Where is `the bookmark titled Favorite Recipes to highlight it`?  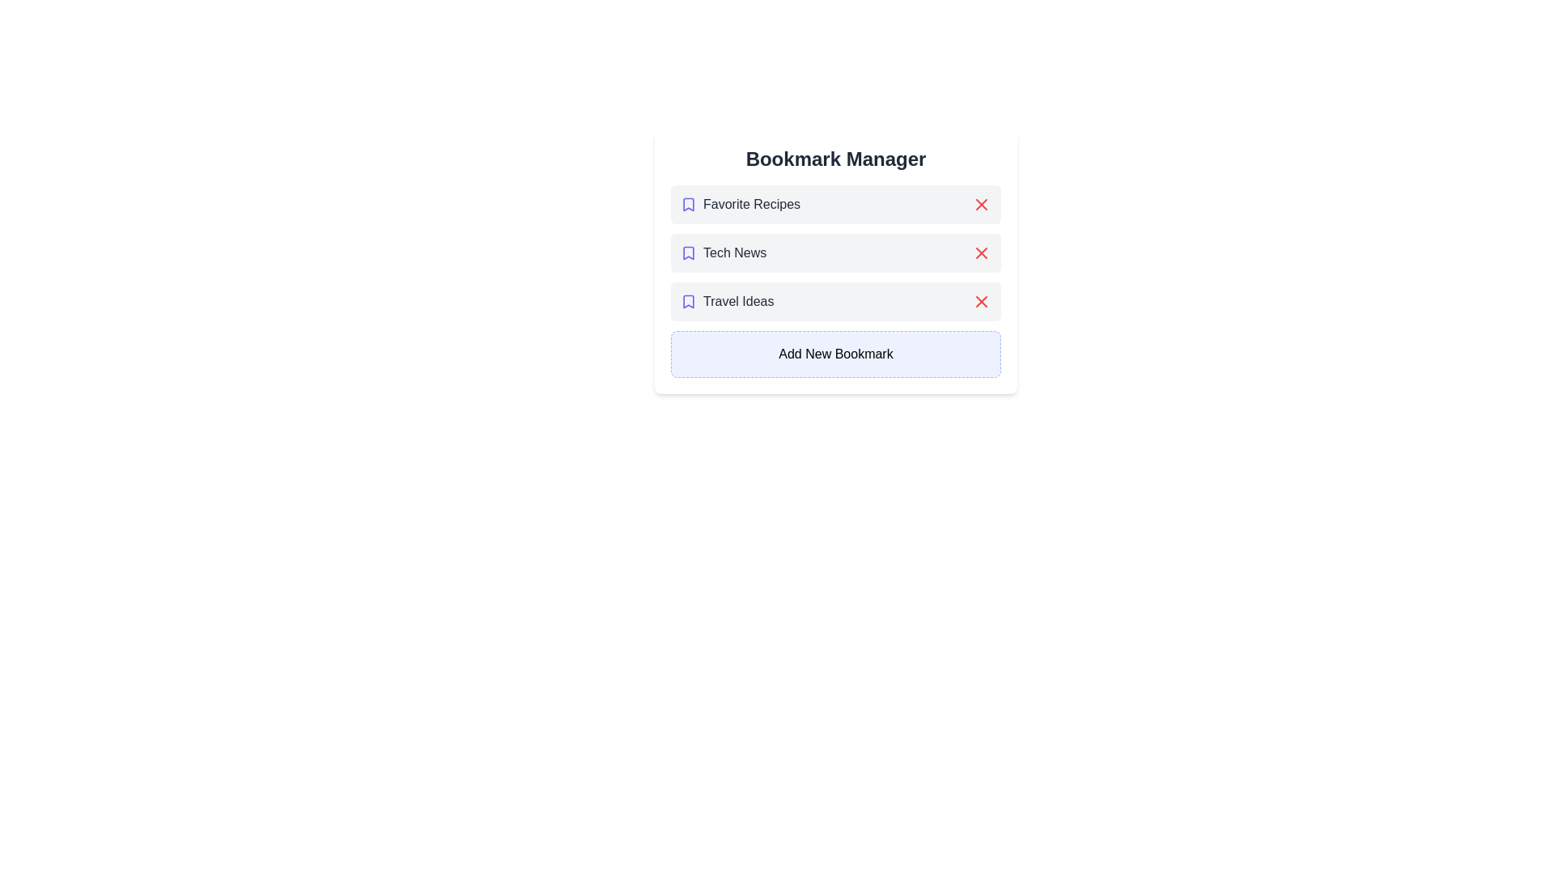 the bookmark titled Favorite Recipes to highlight it is located at coordinates (835, 204).